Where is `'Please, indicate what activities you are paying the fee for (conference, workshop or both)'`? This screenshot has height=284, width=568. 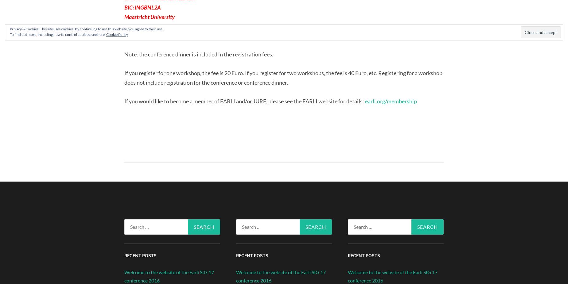 'Please, indicate what activities you are paying the fee for (conference, workshop or both)' is located at coordinates (220, 35).